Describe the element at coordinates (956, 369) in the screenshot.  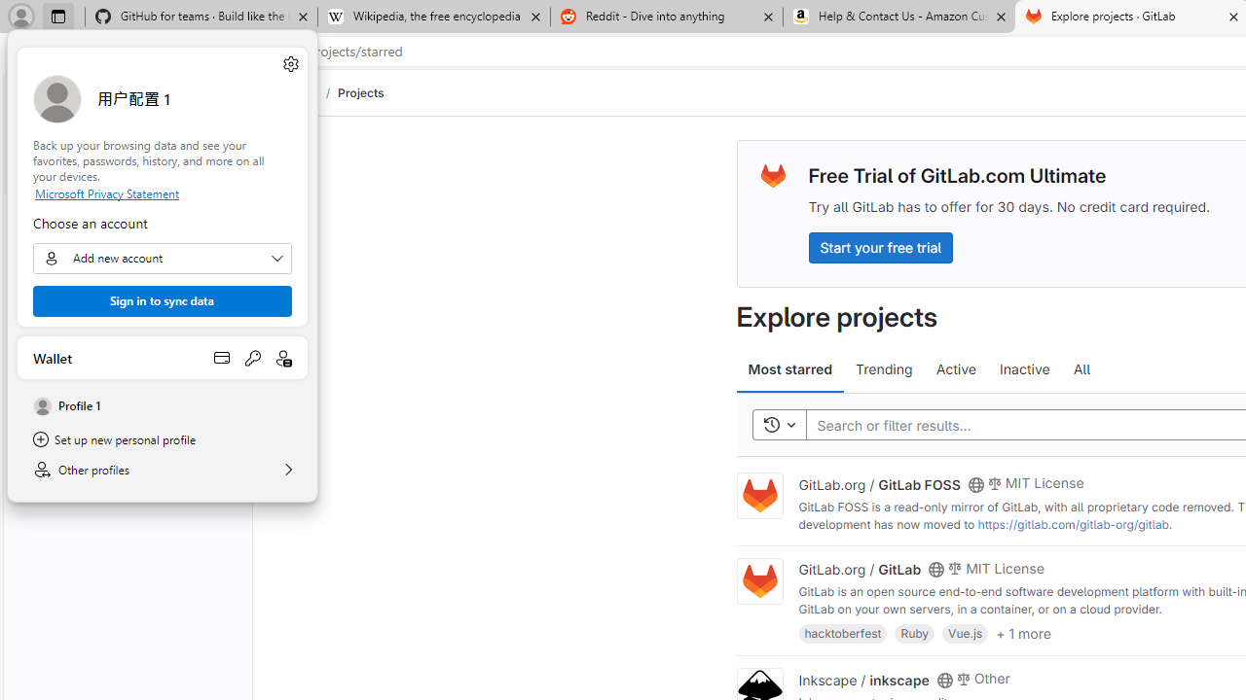
I see `'Active'` at that location.